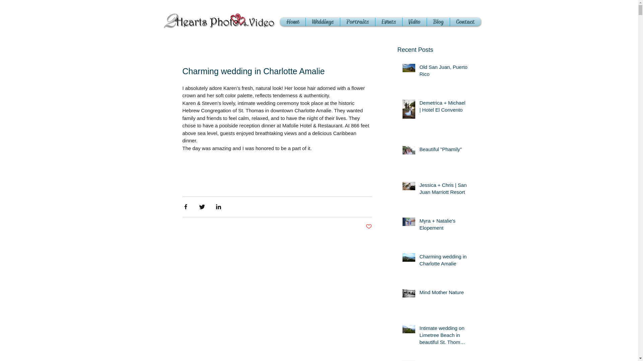  Describe the element at coordinates (323, 21) in the screenshot. I see `'Weddings'` at that location.